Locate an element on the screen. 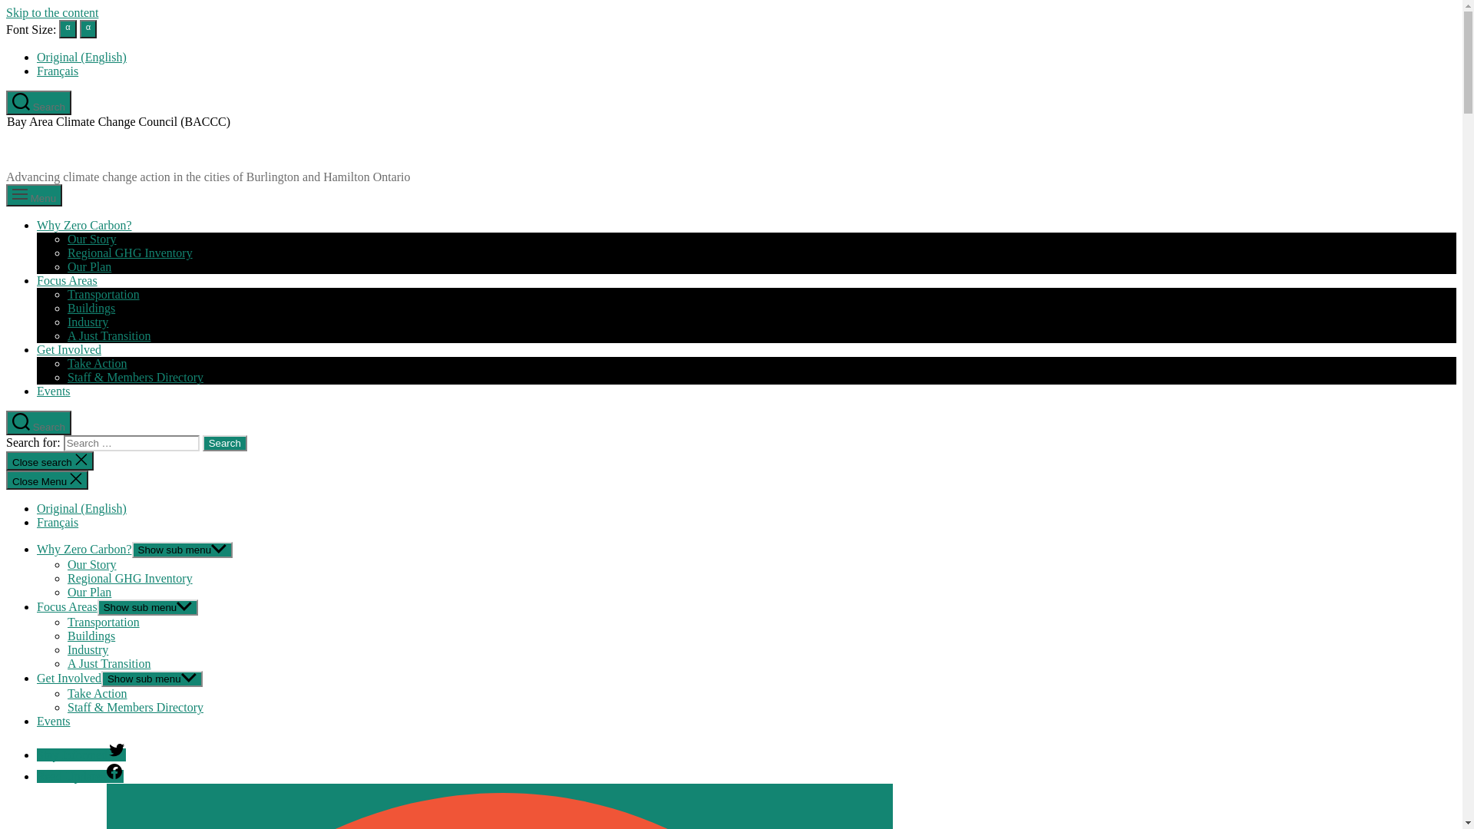 This screenshot has height=829, width=1474. 'Search' is located at coordinates (38, 103).